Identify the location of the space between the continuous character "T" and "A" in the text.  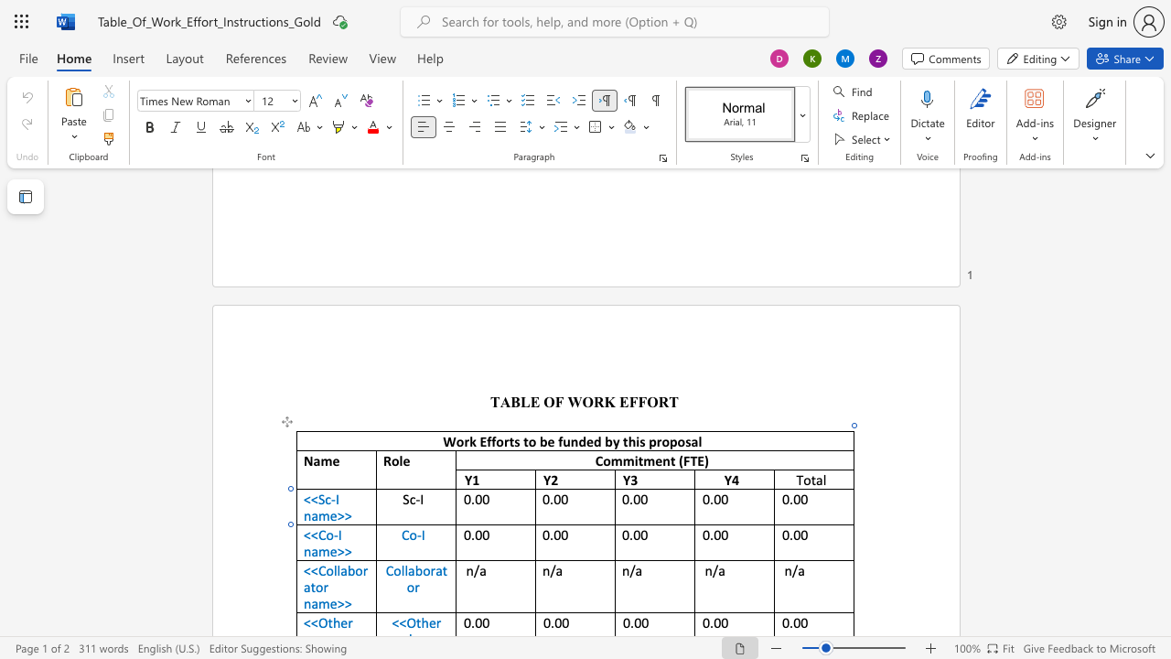
(500, 401).